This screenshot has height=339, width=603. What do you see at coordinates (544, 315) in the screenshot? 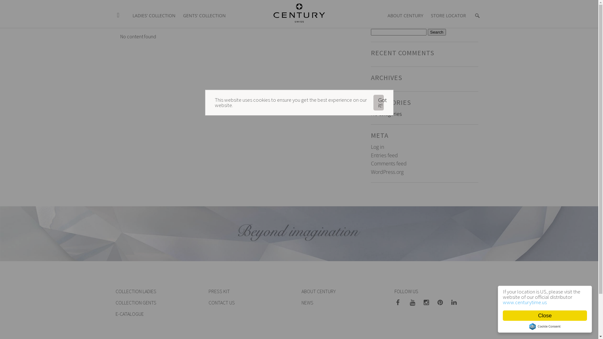
I see `'Close'` at bounding box center [544, 315].